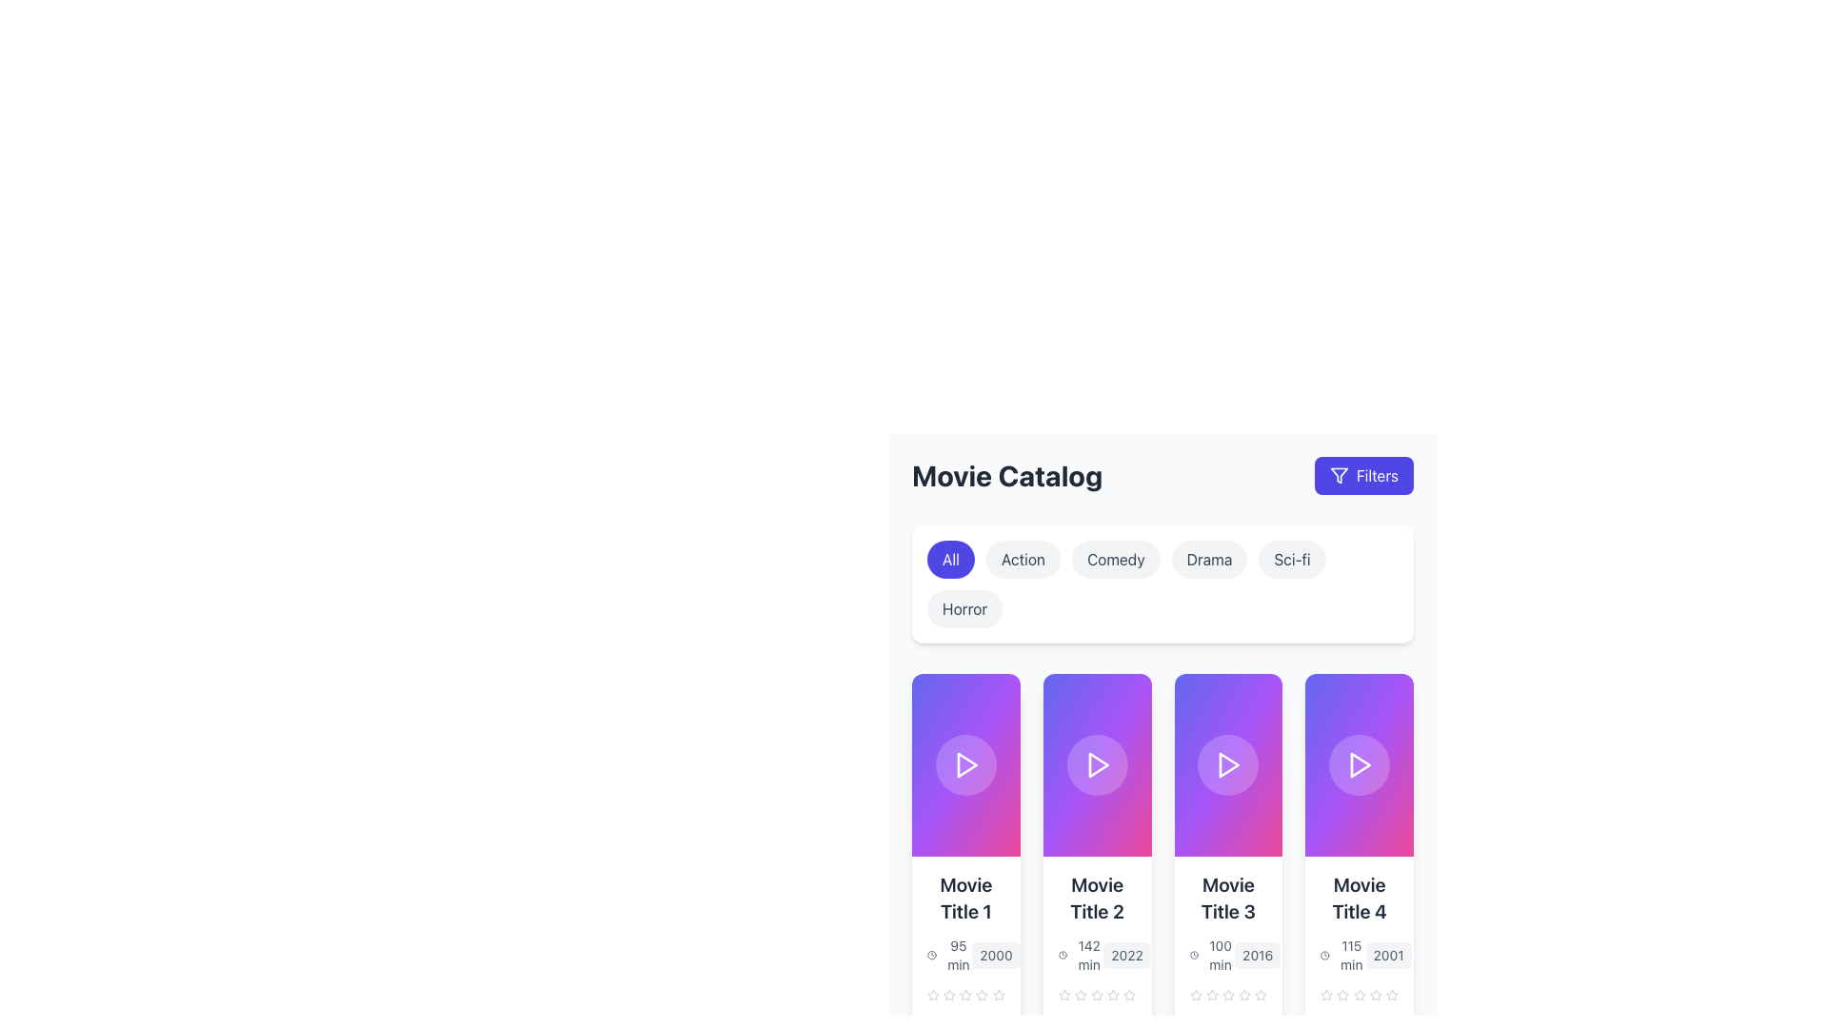  I want to click on the rounded rectangular button with a purple-blue background and white text reading 'All', so click(950, 558).